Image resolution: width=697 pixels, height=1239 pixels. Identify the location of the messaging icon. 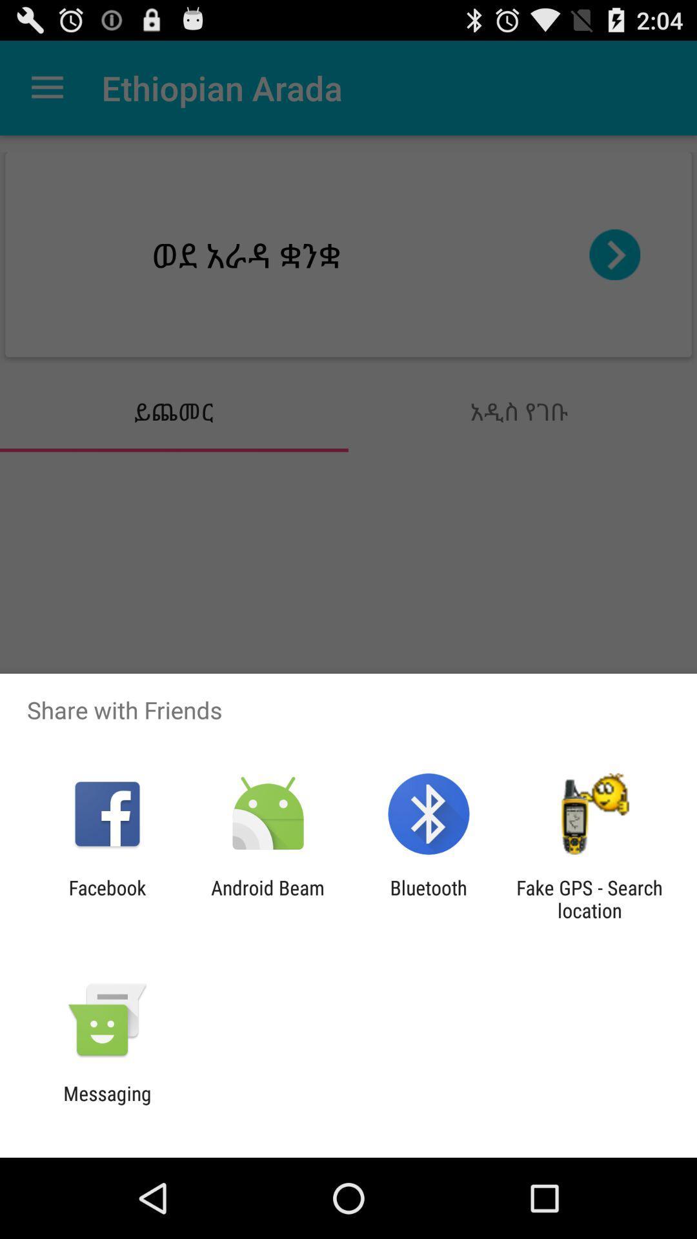
(106, 1104).